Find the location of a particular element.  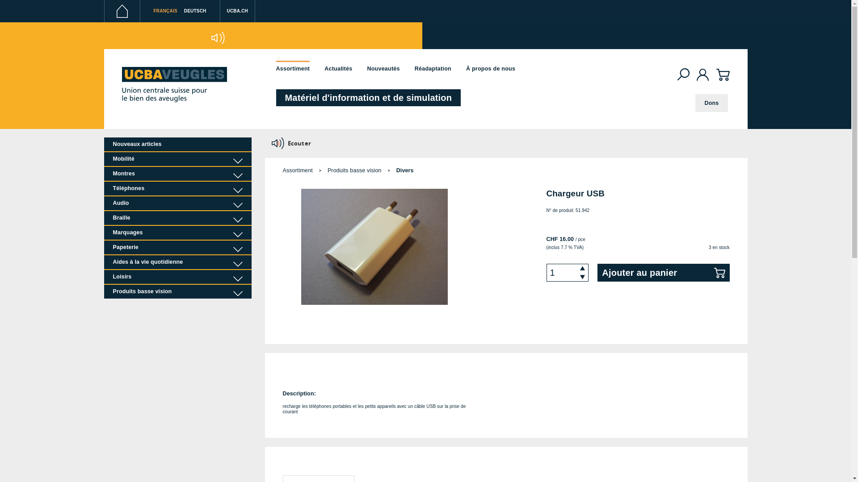

'Vers la recherche' is located at coordinates (677, 74).